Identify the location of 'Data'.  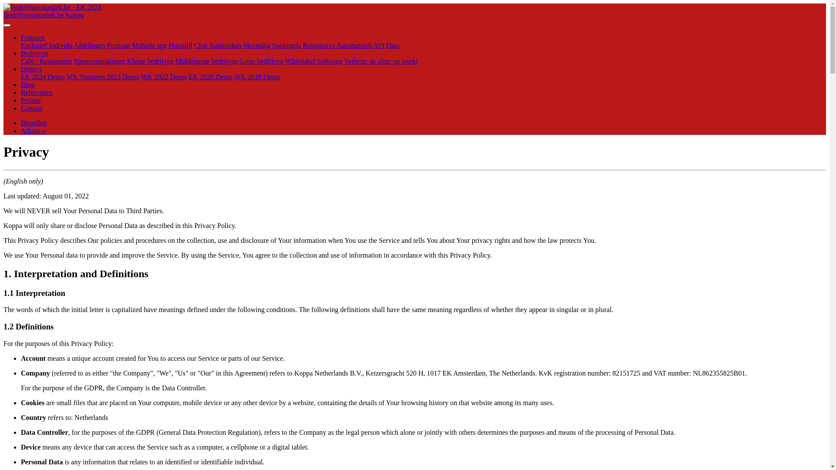
(392, 45).